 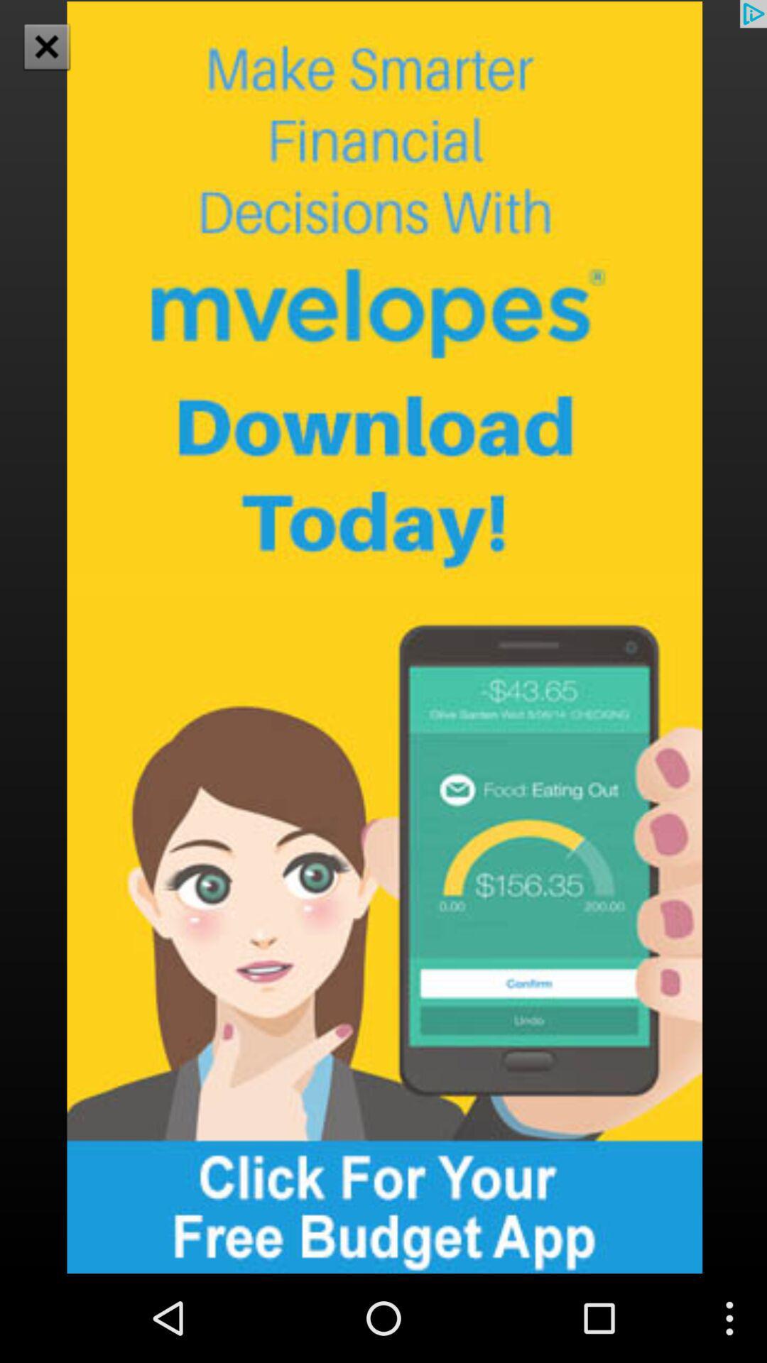 What do you see at coordinates (65, 69) in the screenshot?
I see `the close icon` at bounding box center [65, 69].